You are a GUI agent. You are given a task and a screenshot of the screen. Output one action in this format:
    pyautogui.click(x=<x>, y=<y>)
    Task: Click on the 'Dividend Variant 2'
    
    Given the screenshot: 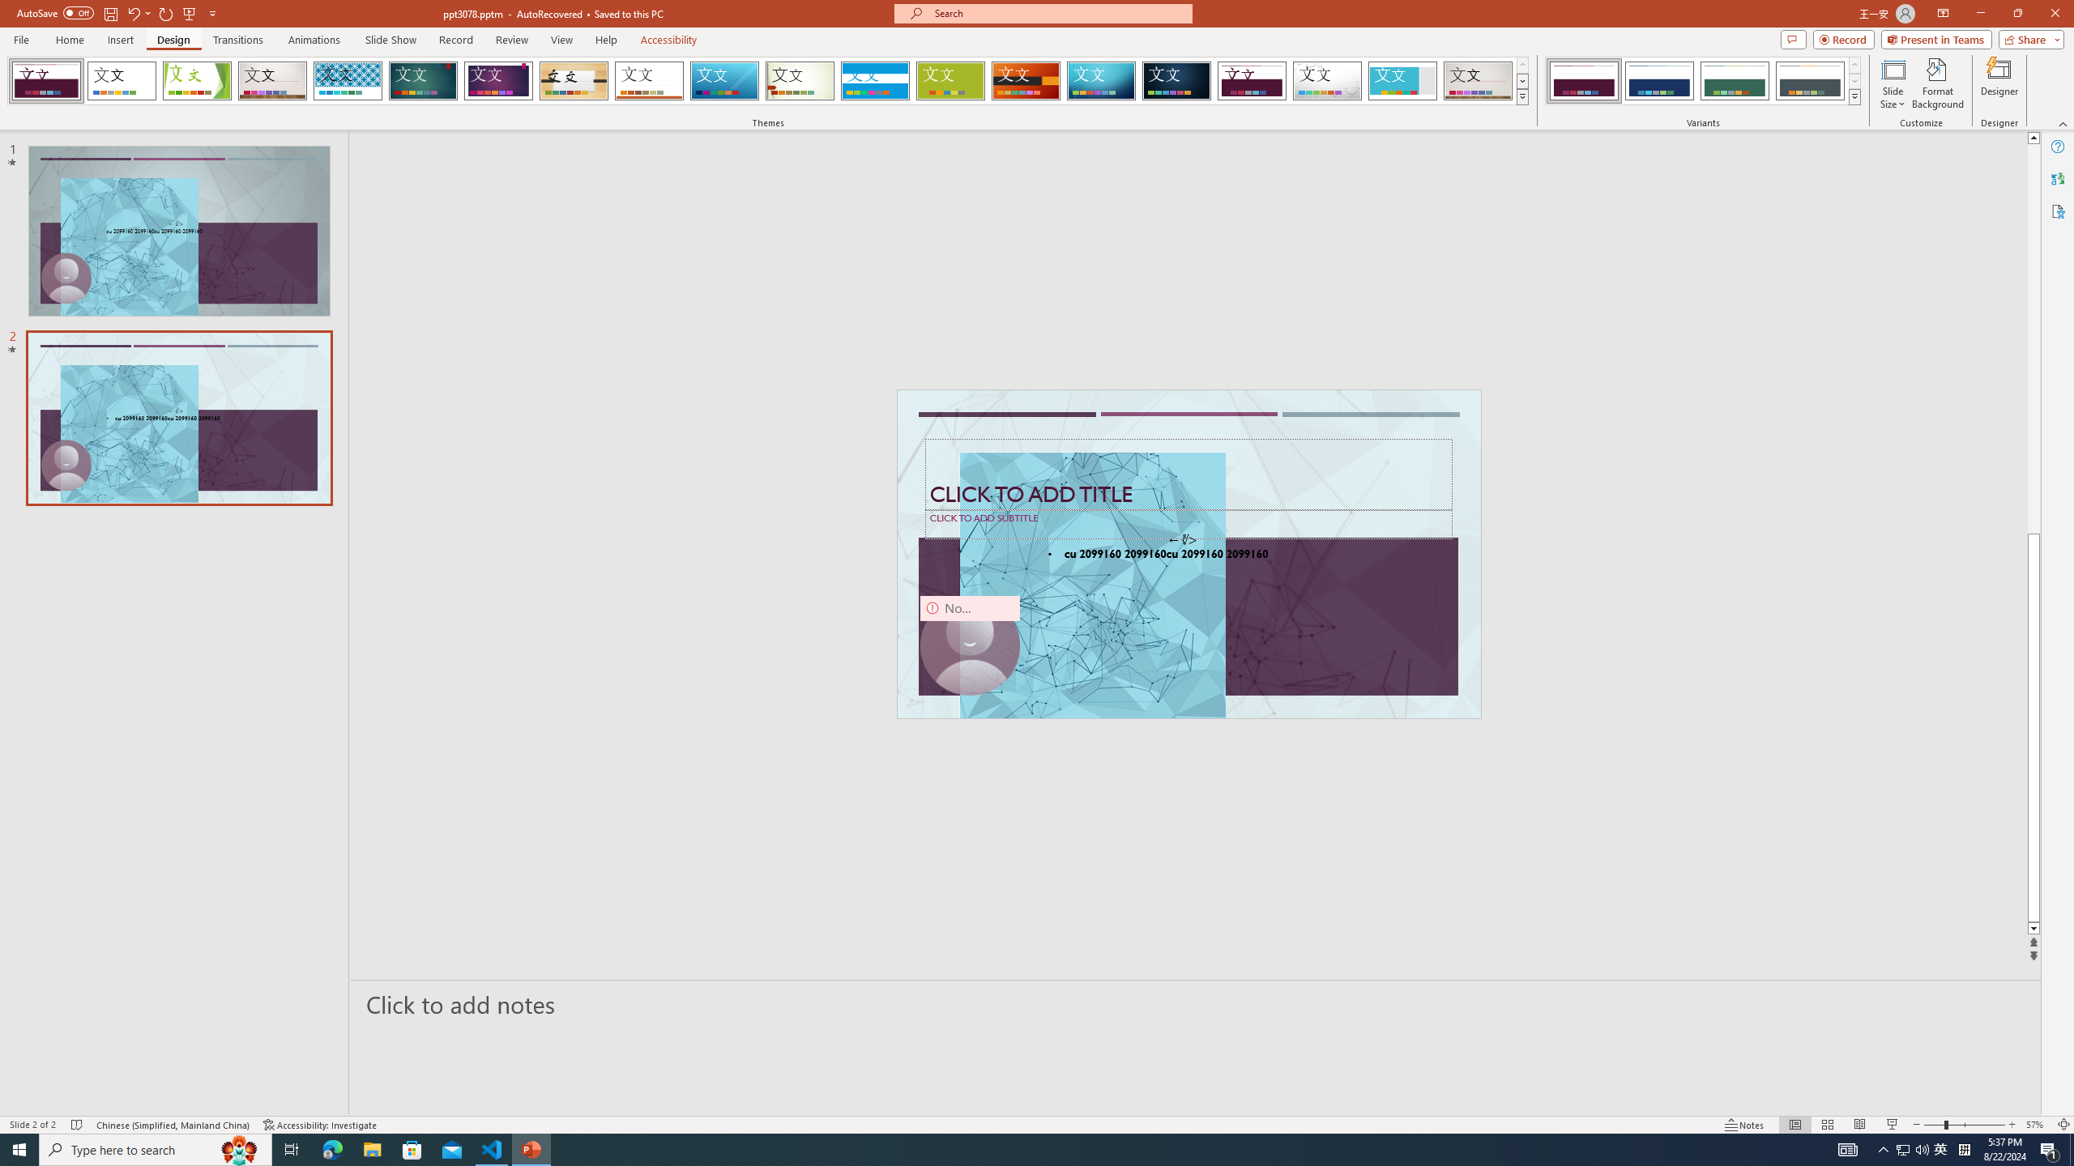 What is the action you would take?
    pyautogui.click(x=1658, y=80)
    